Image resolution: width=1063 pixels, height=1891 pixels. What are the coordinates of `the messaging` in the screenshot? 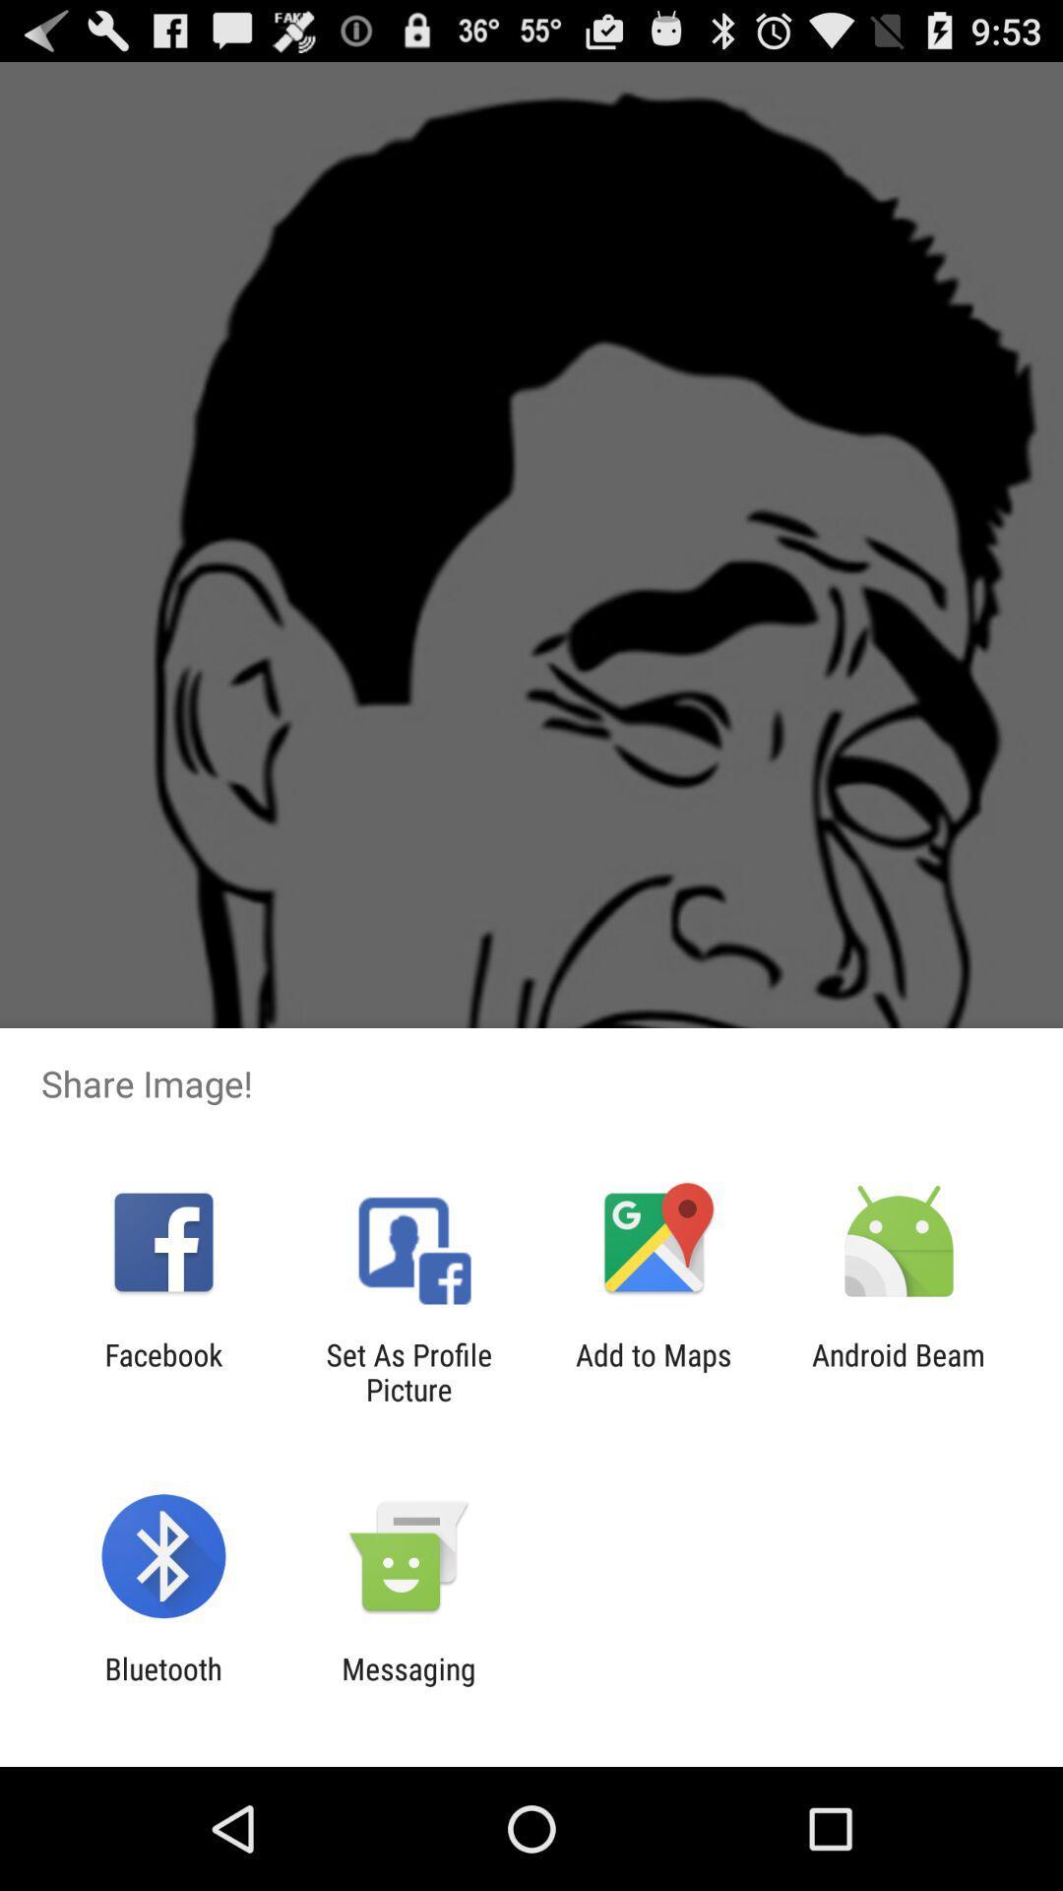 It's located at (407, 1685).